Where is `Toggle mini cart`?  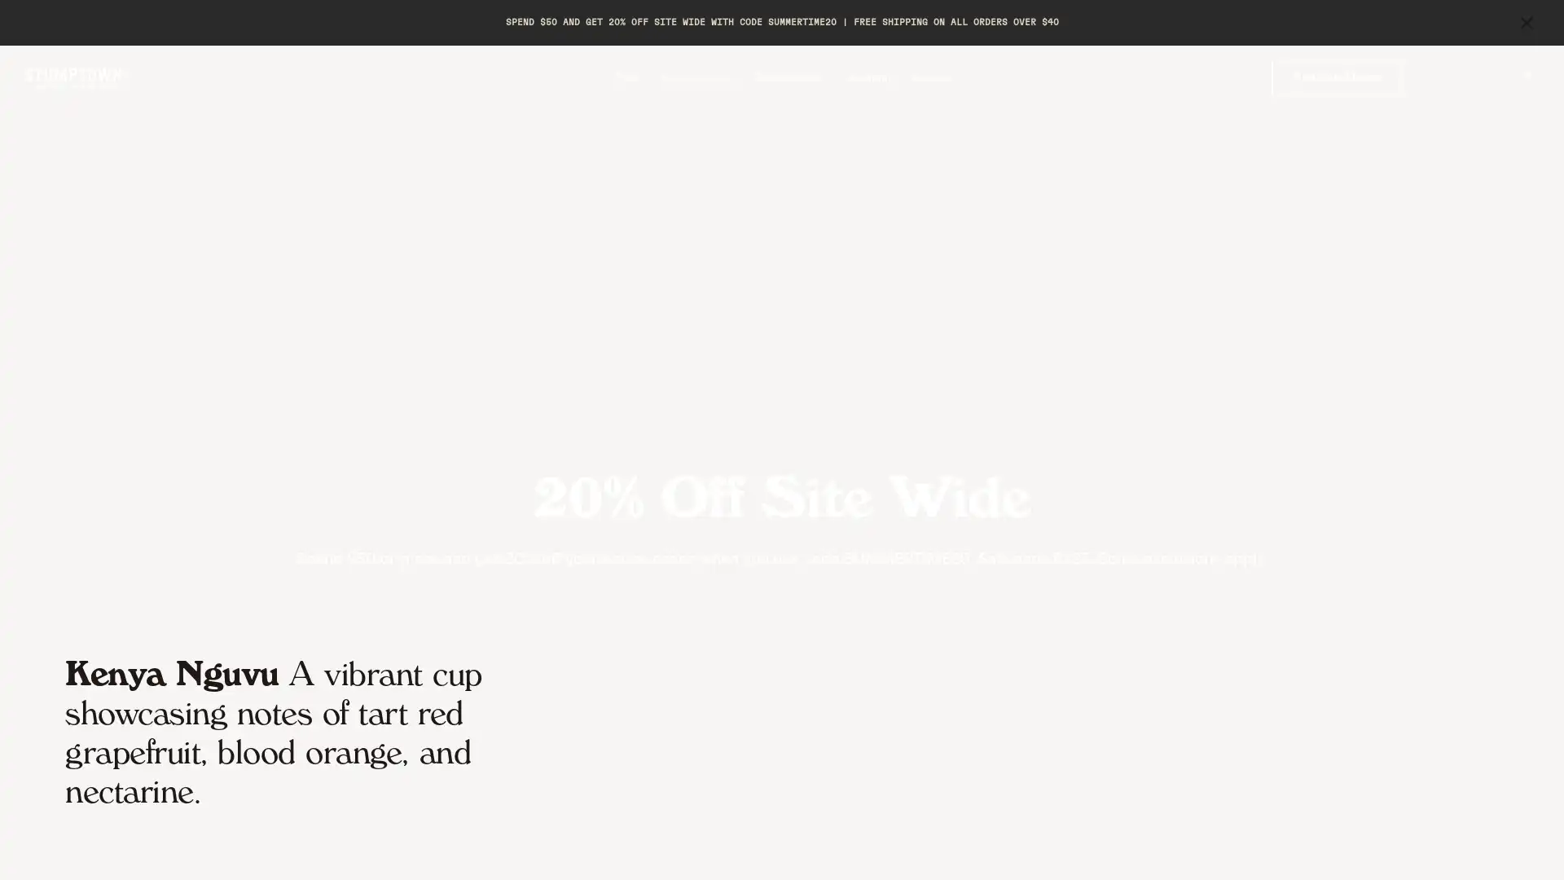 Toggle mini cart is located at coordinates (1527, 78).